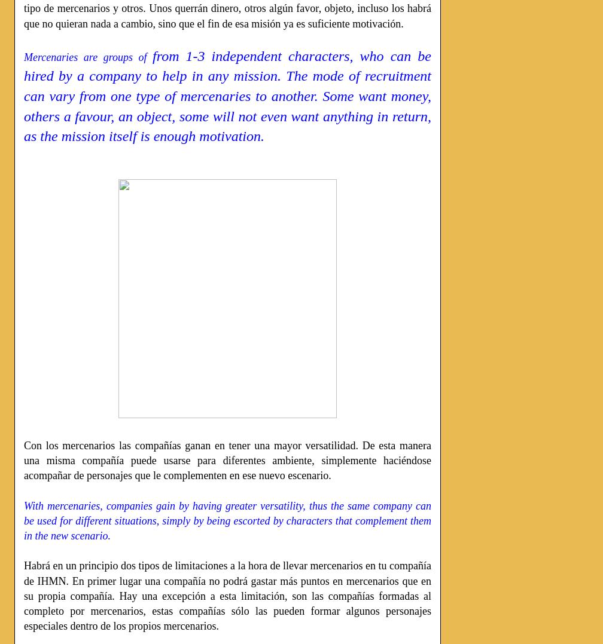 Image resolution: width=603 pixels, height=644 pixels. What do you see at coordinates (88, 56) in the screenshot?
I see `'Mercenaries are groups of'` at bounding box center [88, 56].